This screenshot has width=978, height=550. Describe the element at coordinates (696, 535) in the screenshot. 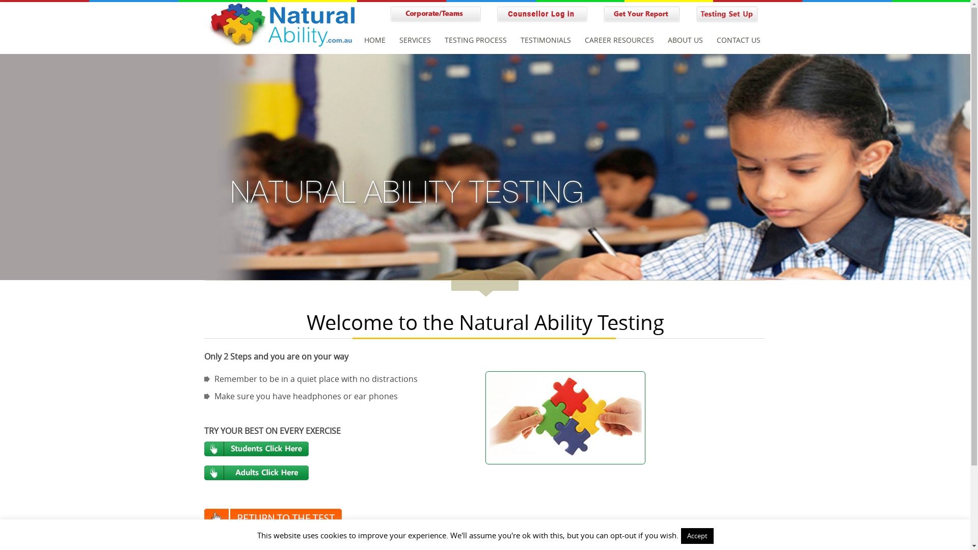

I see `'Accept'` at that location.